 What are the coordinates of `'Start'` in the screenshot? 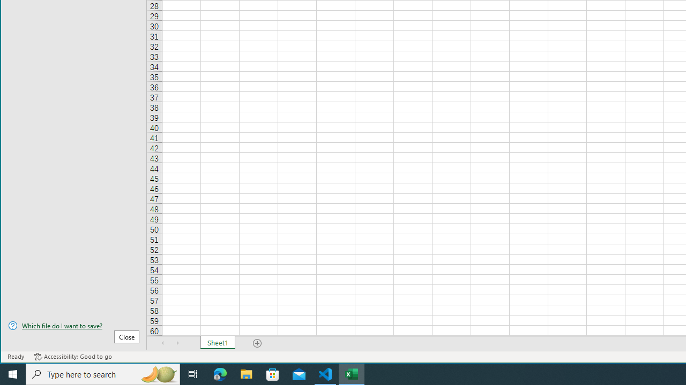 It's located at (13, 373).